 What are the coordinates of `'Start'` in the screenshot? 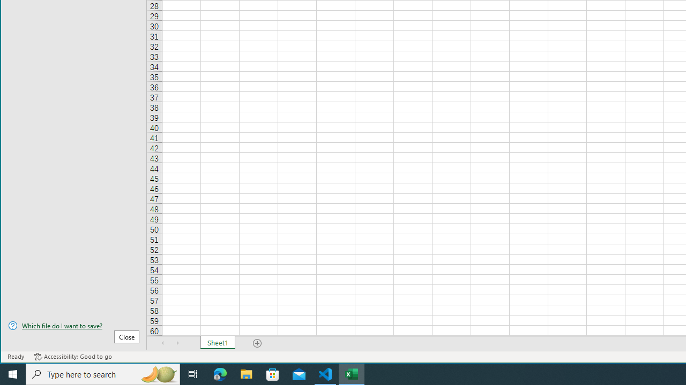 It's located at (13, 373).